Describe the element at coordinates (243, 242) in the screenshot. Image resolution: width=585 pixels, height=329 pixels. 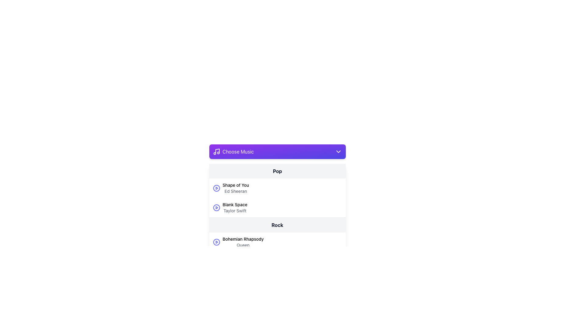
I see `the third music entry` at that location.